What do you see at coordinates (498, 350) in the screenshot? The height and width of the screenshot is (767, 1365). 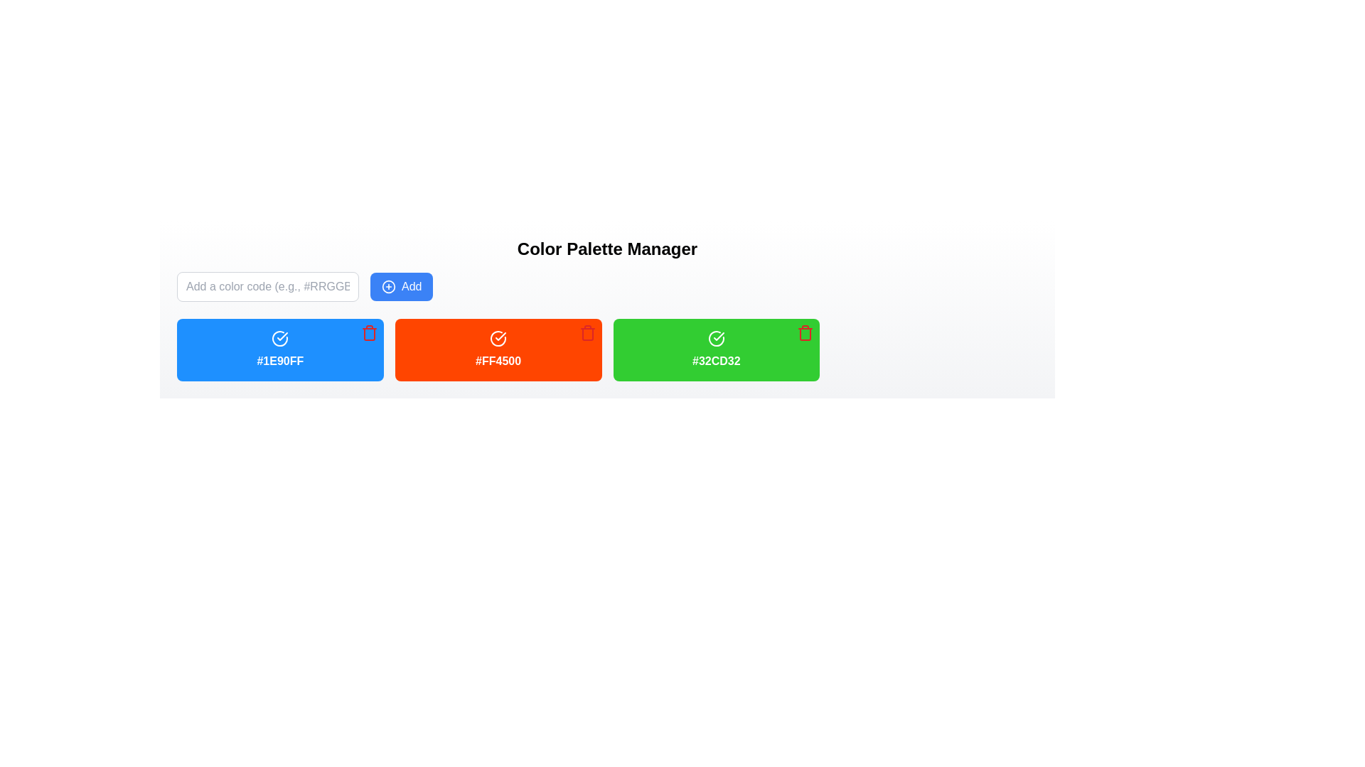 I see `the color information displayed on the bright orange card with a checkmark icon and white text, positioned centrally in a row of three color cards` at bounding box center [498, 350].